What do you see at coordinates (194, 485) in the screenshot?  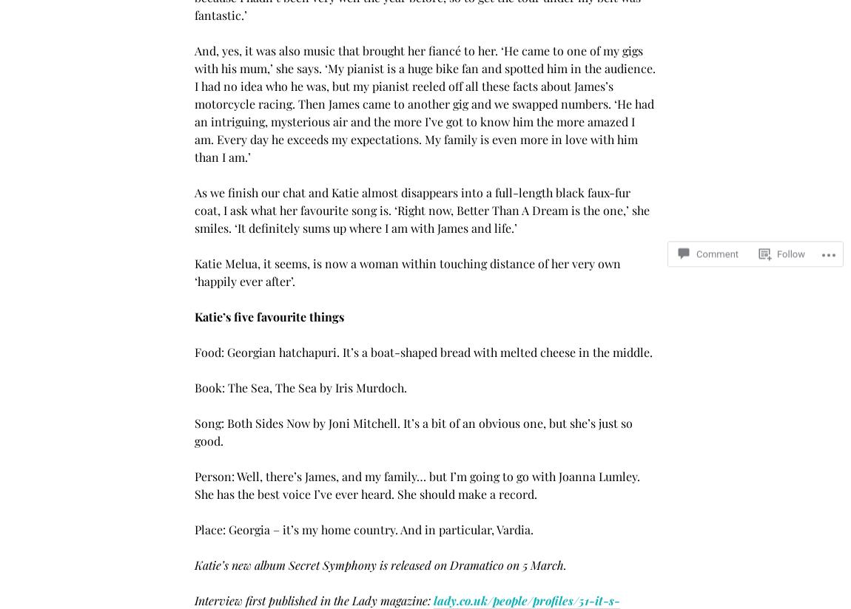 I see `'Person: Well, there’s James, and my family… but I’m going to go with Joanna Lumley. She has the best voice I’ve ever heard. She should make a record.'` at bounding box center [194, 485].